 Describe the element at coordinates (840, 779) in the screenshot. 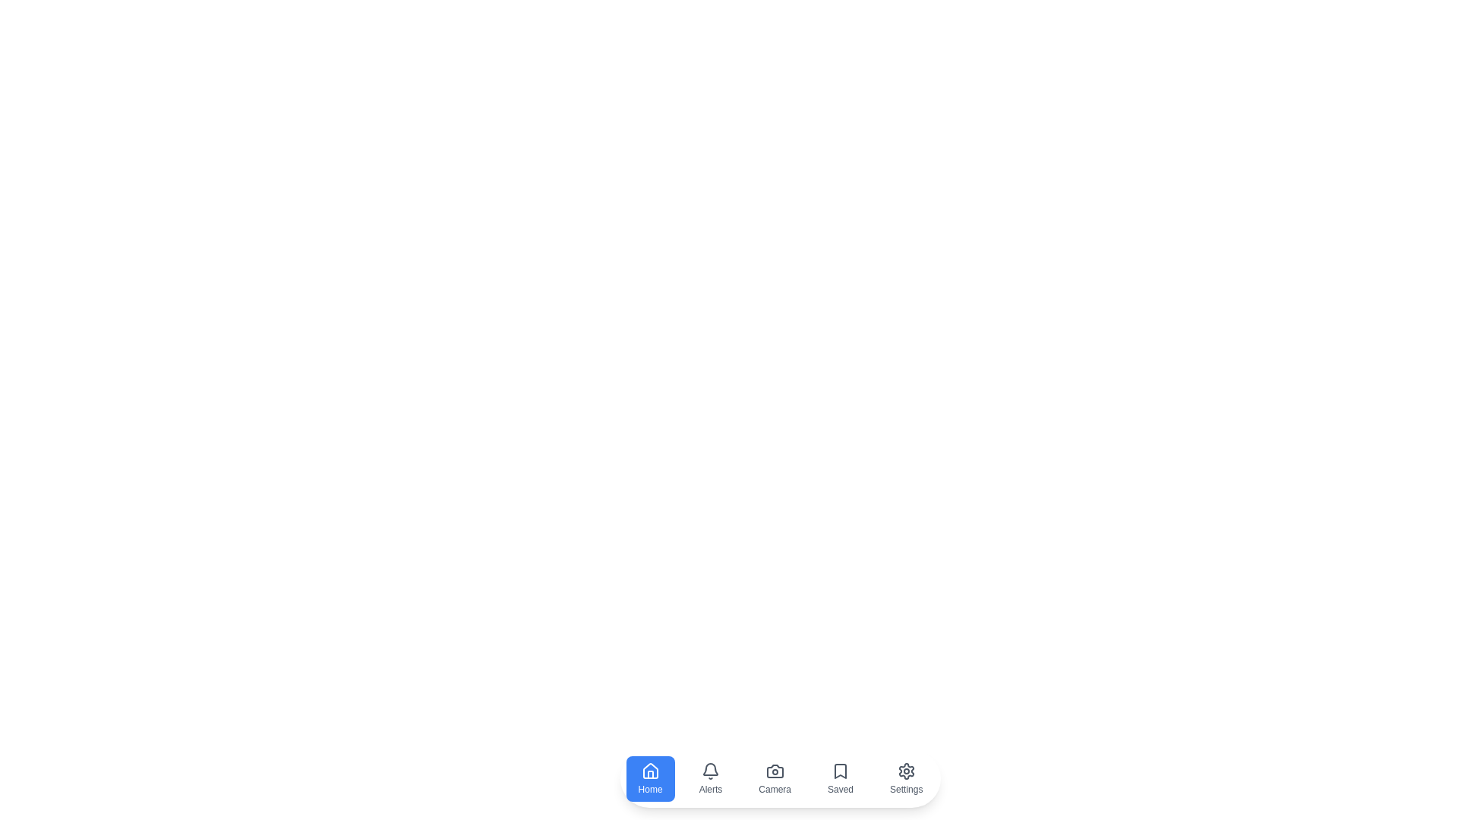

I see `the Saved icon in the bottom navigation bar` at that location.